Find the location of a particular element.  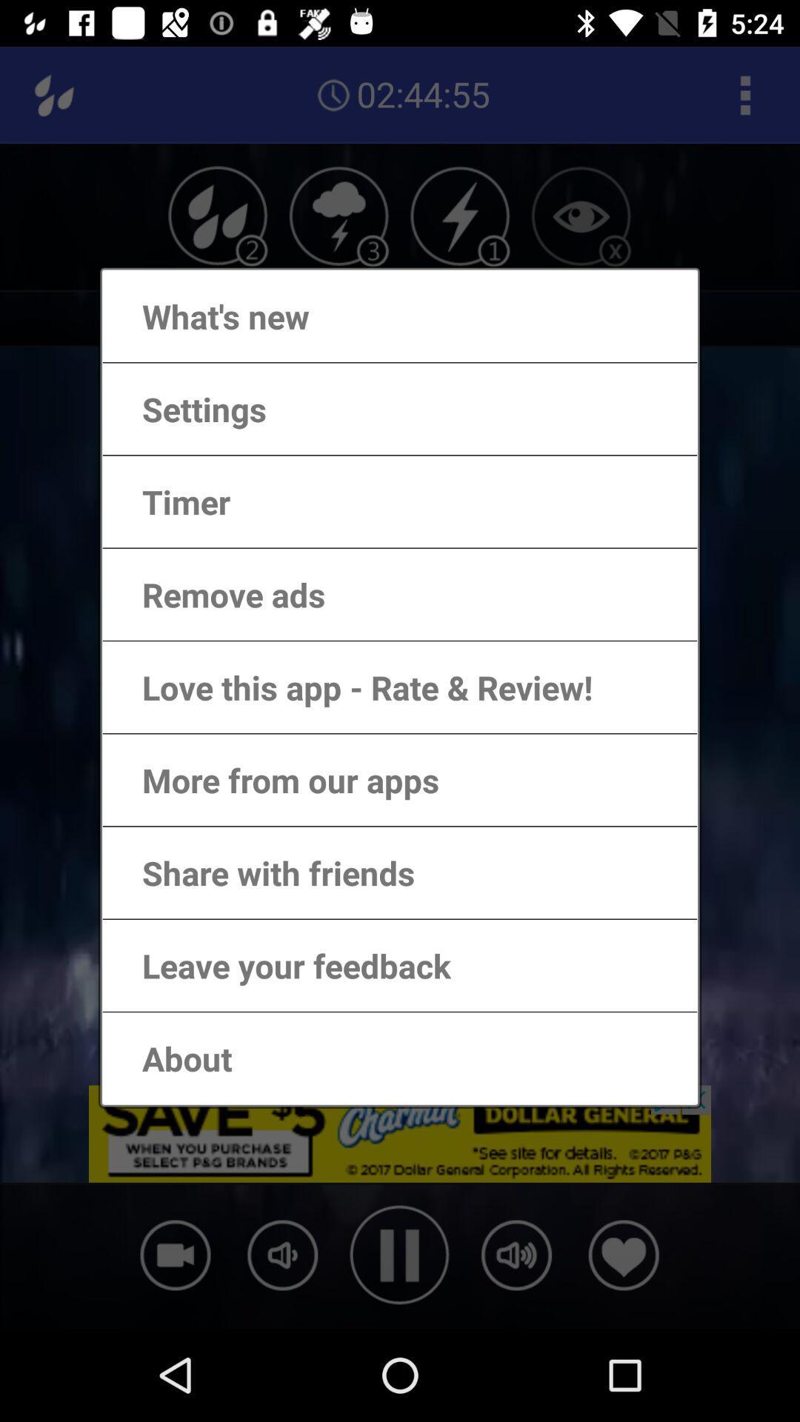

what's new app is located at coordinates (211, 316).